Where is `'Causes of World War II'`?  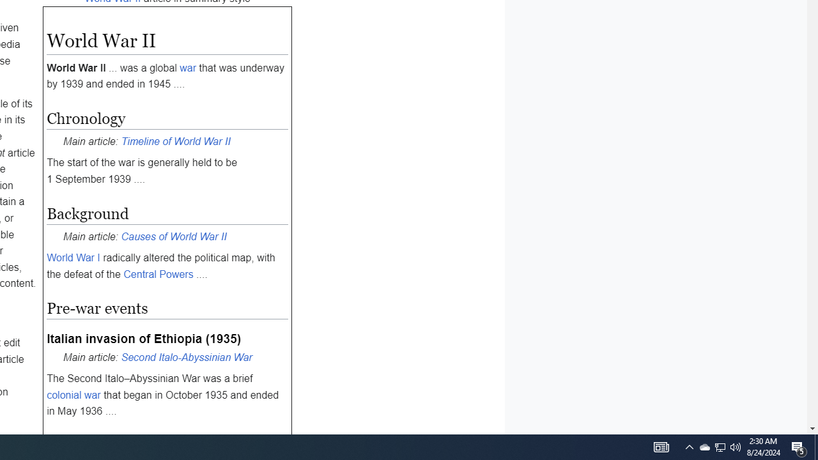 'Causes of World War II' is located at coordinates (173, 236).